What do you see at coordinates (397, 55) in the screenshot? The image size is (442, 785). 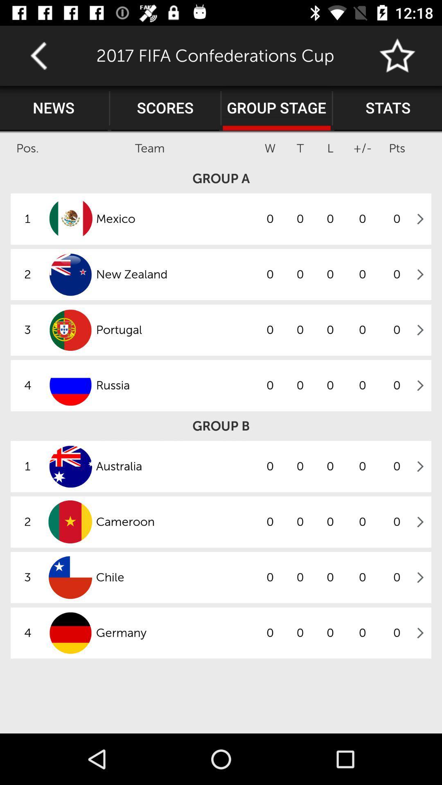 I see `favorite` at bounding box center [397, 55].